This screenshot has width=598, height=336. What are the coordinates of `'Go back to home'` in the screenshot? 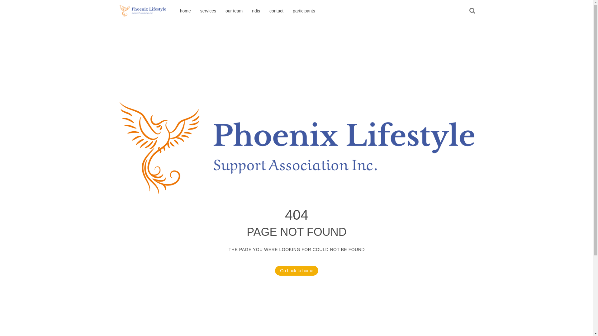 It's located at (296, 270).